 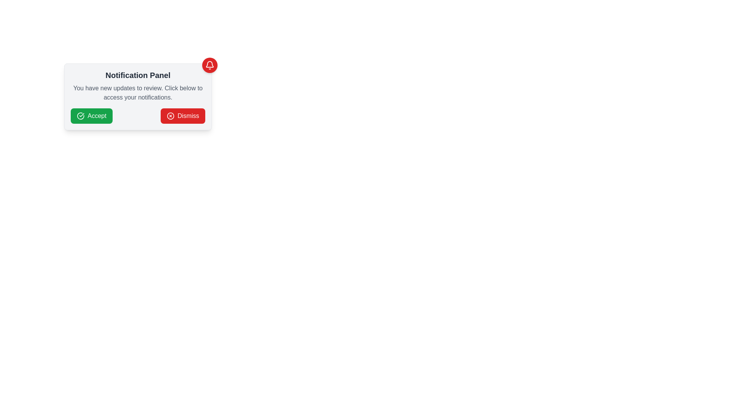 What do you see at coordinates (182, 116) in the screenshot?
I see `the dismiss button located at the bottom right of the notification box` at bounding box center [182, 116].